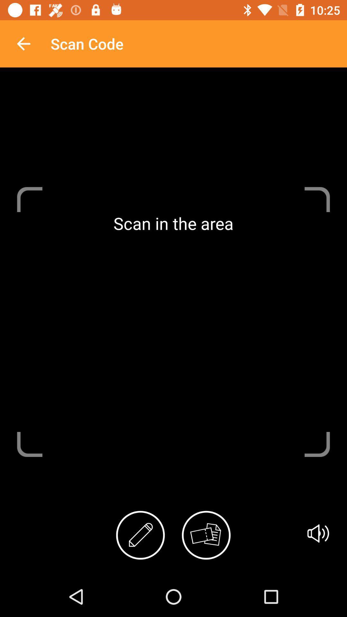 This screenshot has height=617, width=347. Describe the element at coordinates (206, 535) in the screenshot. I see `icon below the scan in the` at that location.